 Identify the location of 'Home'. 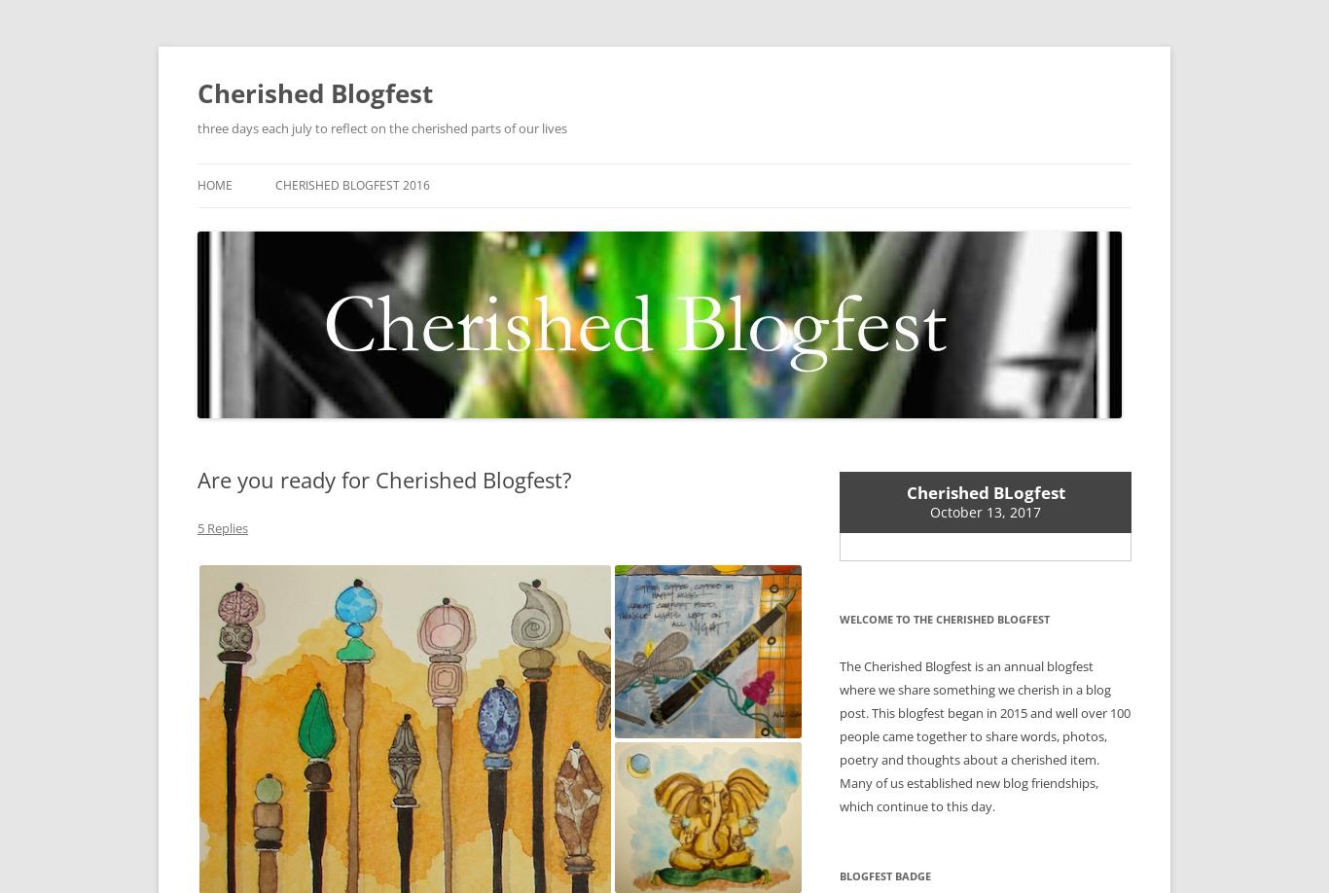
(214, 185).